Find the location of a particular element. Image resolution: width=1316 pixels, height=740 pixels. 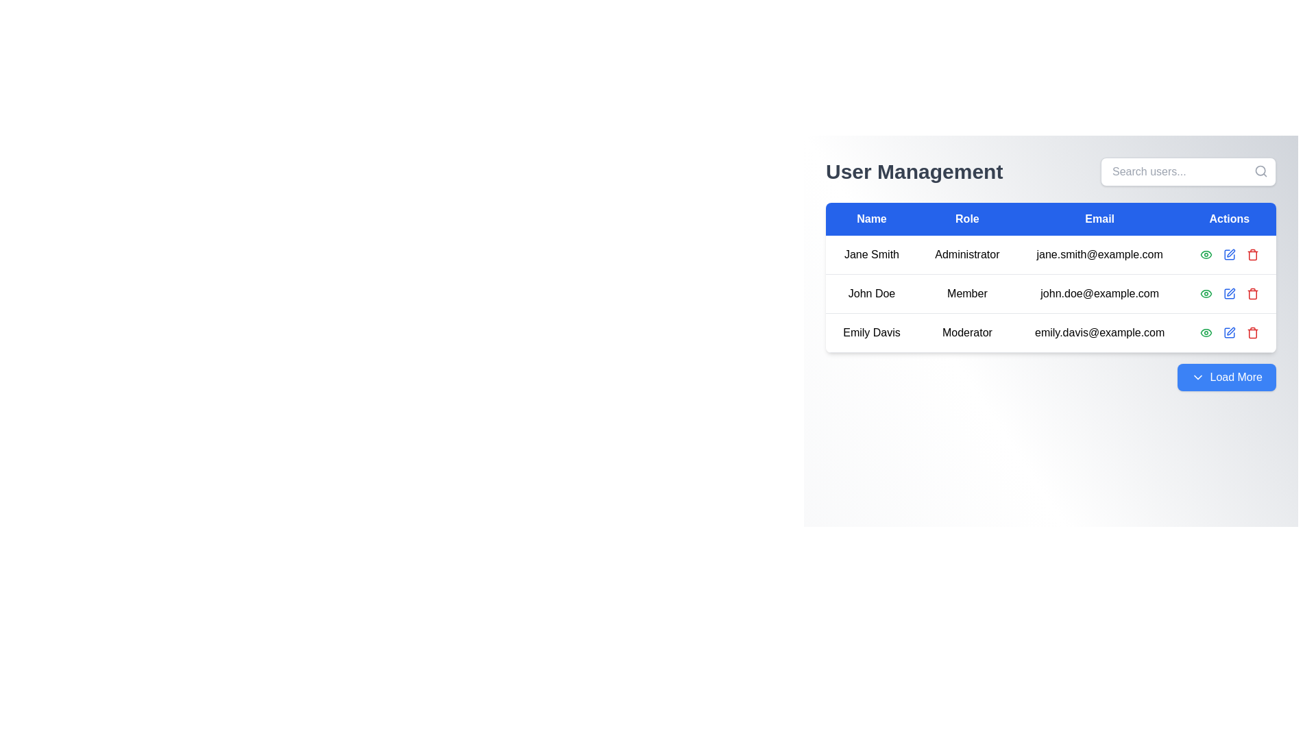

the text label displaying the email address 'emily.davis@example.com' located in the third row of the user management table under the 'Email' column is located at coordinates (1099, 333).